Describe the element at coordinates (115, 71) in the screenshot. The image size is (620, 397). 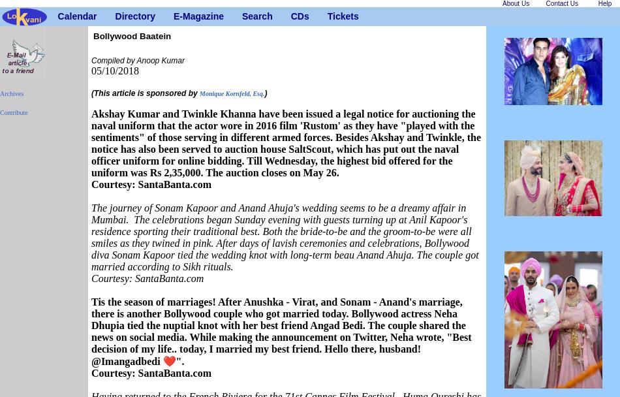
I see `'05/10/2018'` at that location.